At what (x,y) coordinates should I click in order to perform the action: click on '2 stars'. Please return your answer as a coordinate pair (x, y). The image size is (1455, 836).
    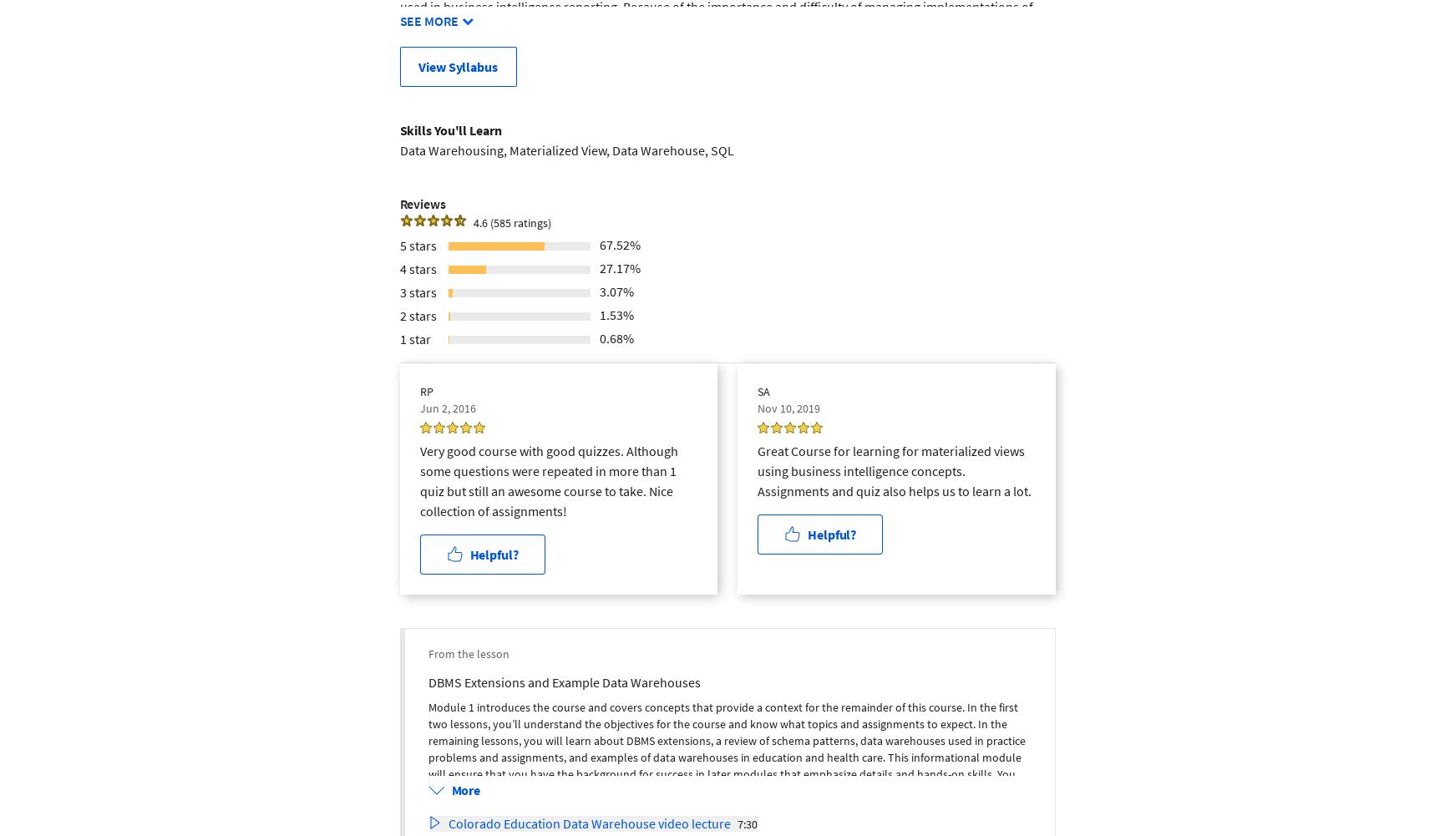
    Looking at the image, I should click on (417, 313).